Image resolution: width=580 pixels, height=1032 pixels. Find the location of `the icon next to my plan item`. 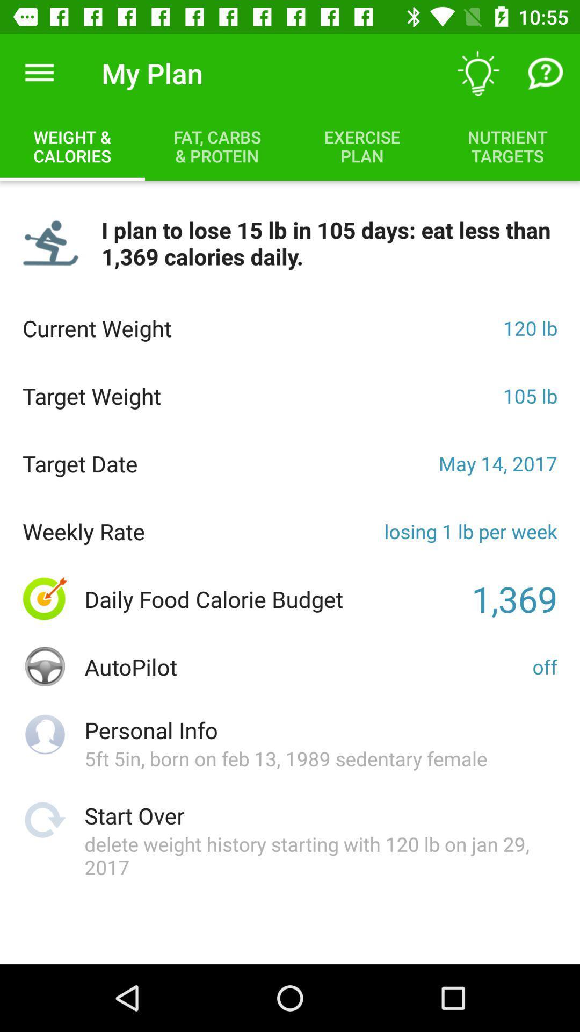

the icon next to my plan item is located at coordinates (39, 73).